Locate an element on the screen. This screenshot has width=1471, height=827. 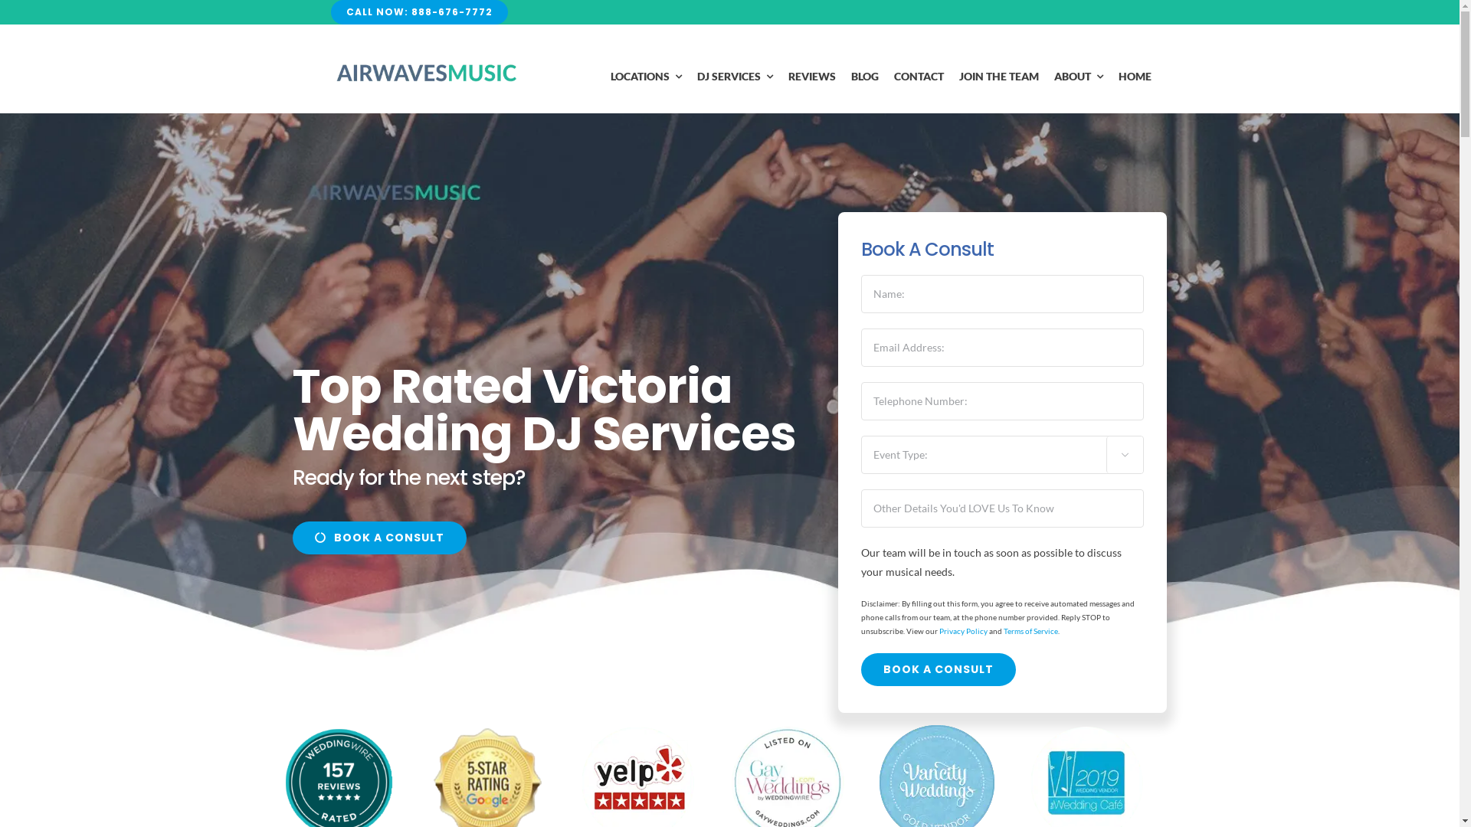
'CONTACT' is located at coordinates (919, 77).